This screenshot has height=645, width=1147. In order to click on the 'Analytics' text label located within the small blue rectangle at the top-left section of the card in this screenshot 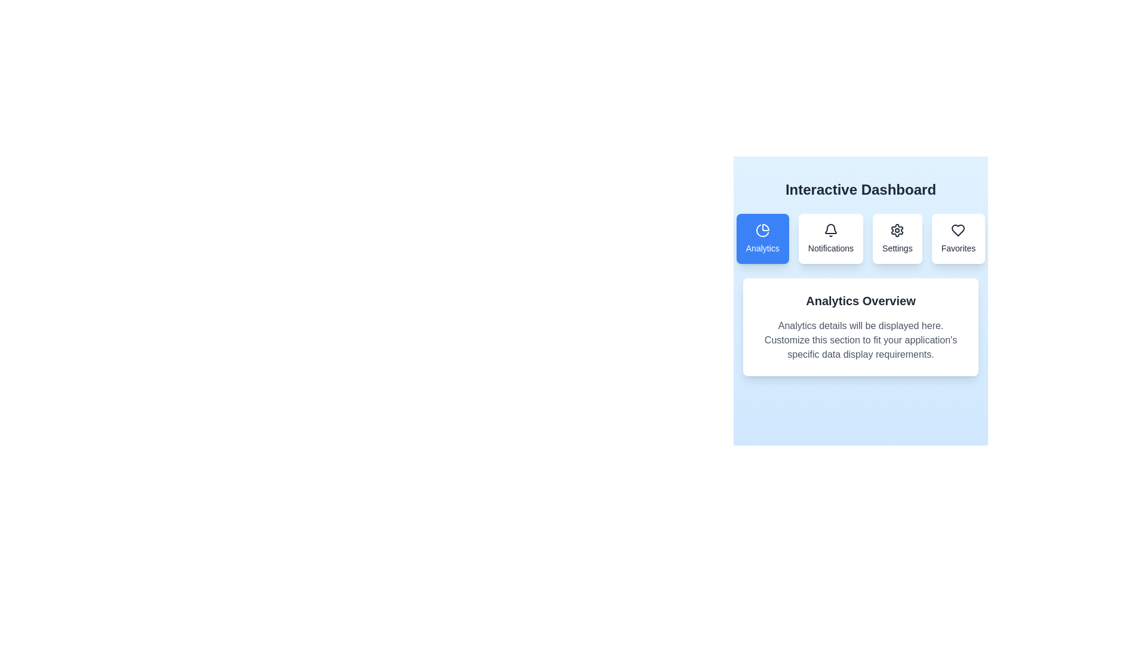, I will do `click(762, 248)`.